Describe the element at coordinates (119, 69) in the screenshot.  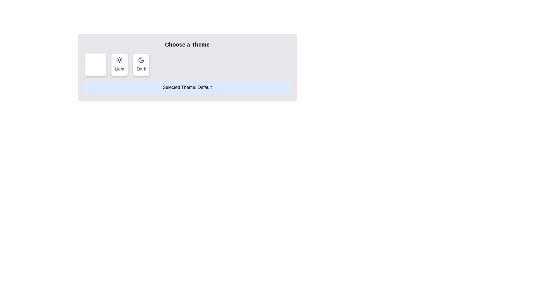
I see `the text label reading 'Light', which is styled with a medium-weight font and positioned below a light icon within a card-style component` at that location.